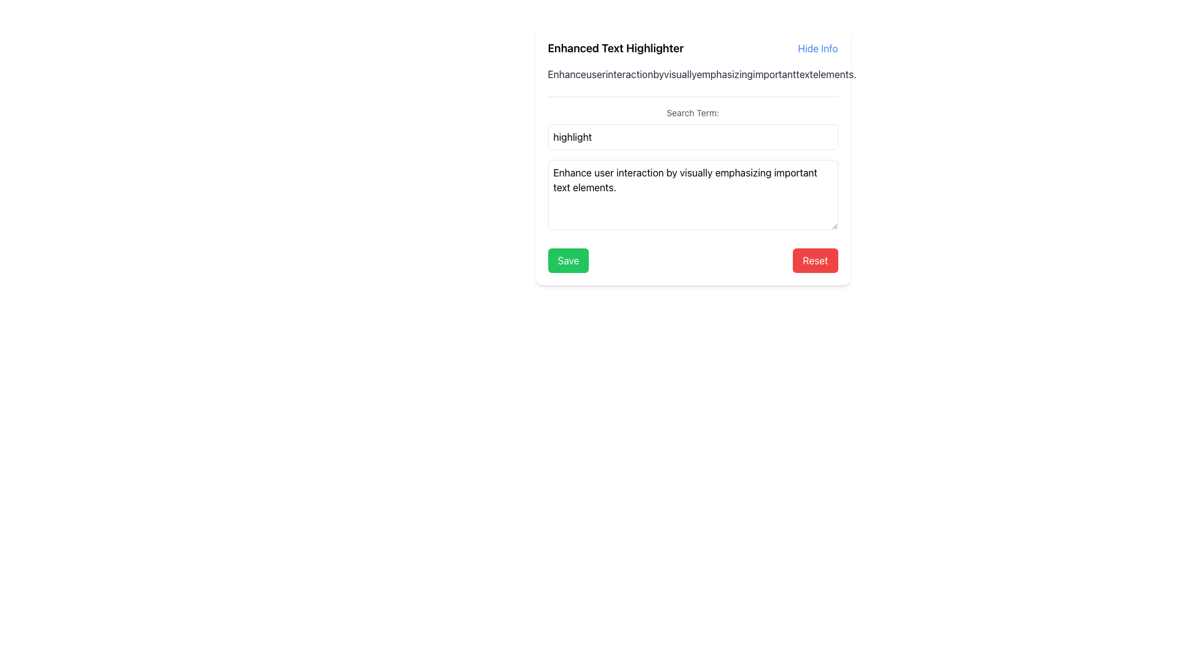 This screenshot has height=664, width=1180. What do you see at coordinates (774, 74) in the screenshot?
I see `the text label that reads 'important', which is the seventh word in the sentence 'Enhance user interaction by visually emphasizing important text elements.'` at bounding box center [774, 74].